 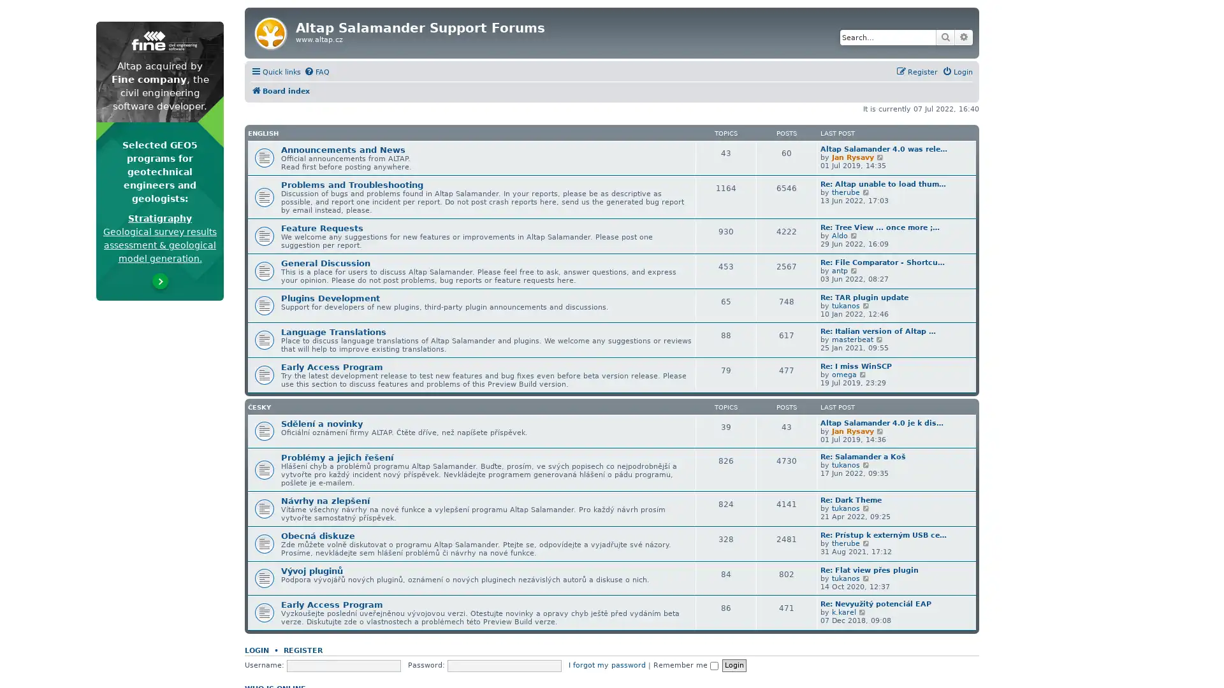 What do you see at coordinates (945, 36) in the screenshot?
I see `Search` at bounding box center [945, 36].